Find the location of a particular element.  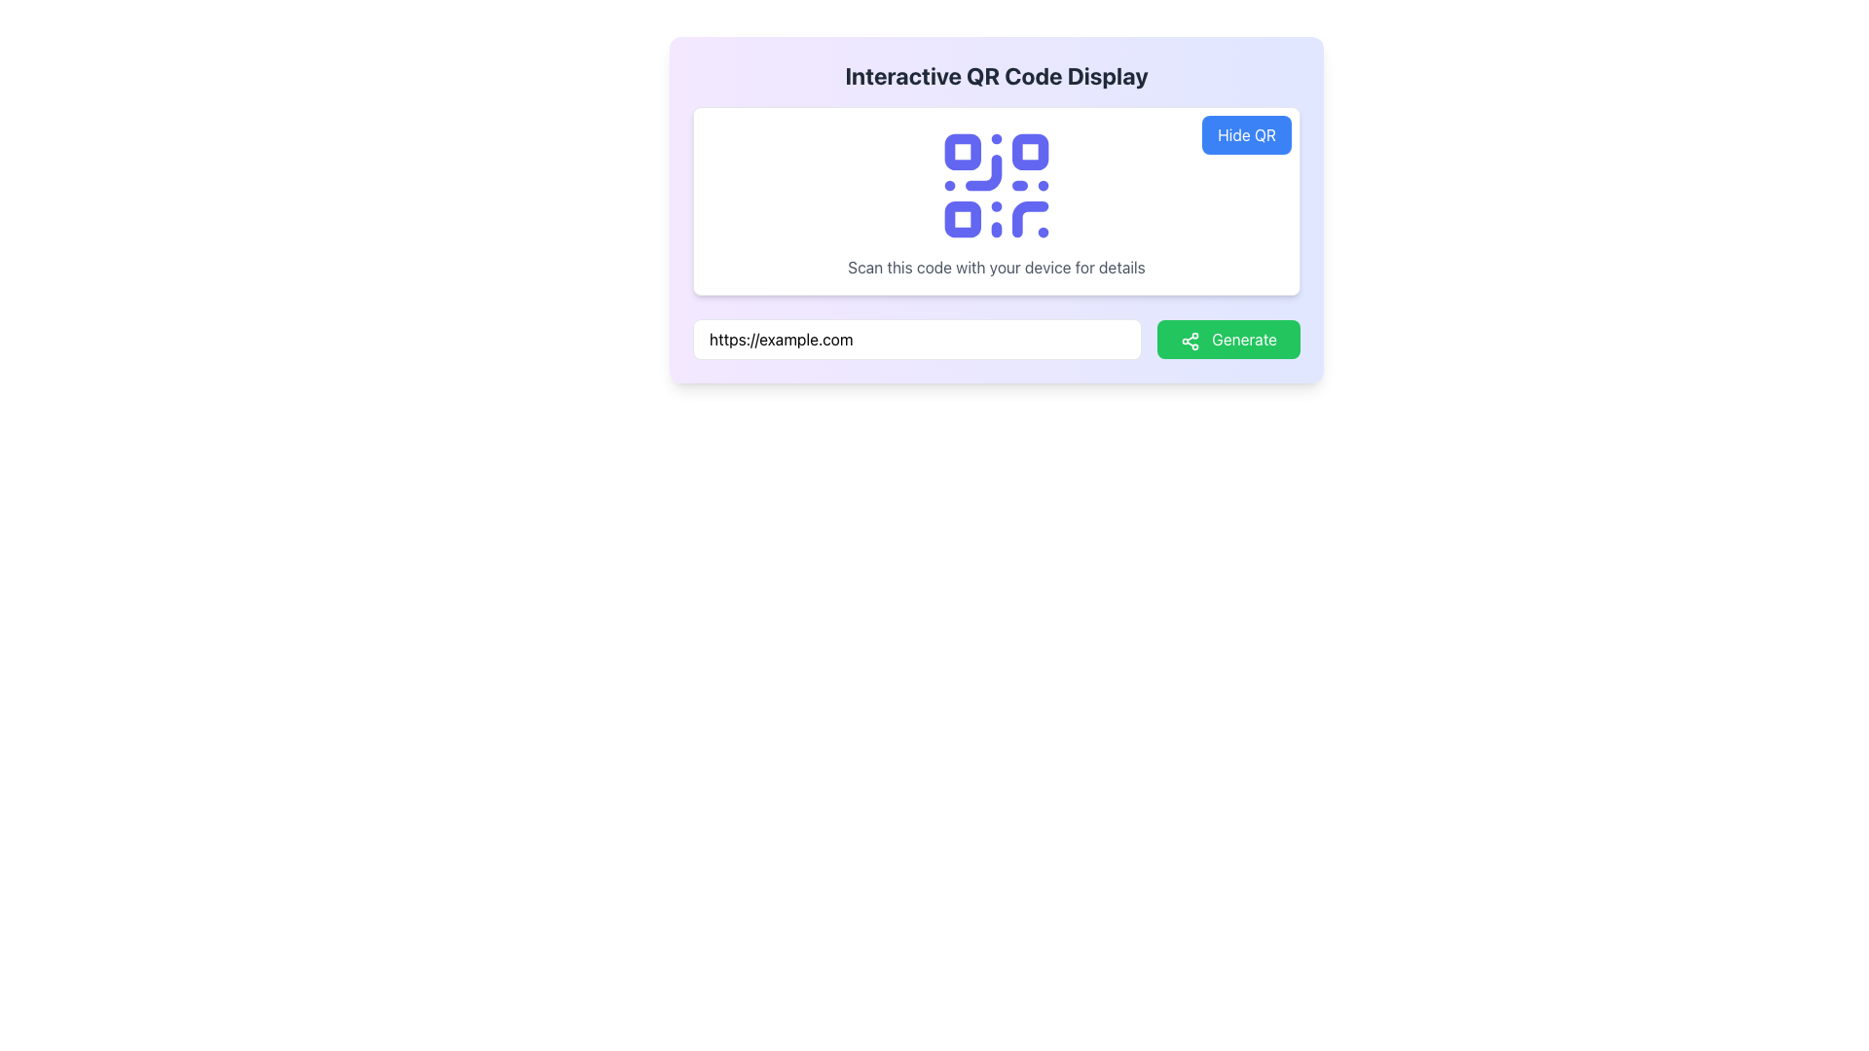

the QR code generation button located to the right of the URL input field is located at coordinates (1228, 338).